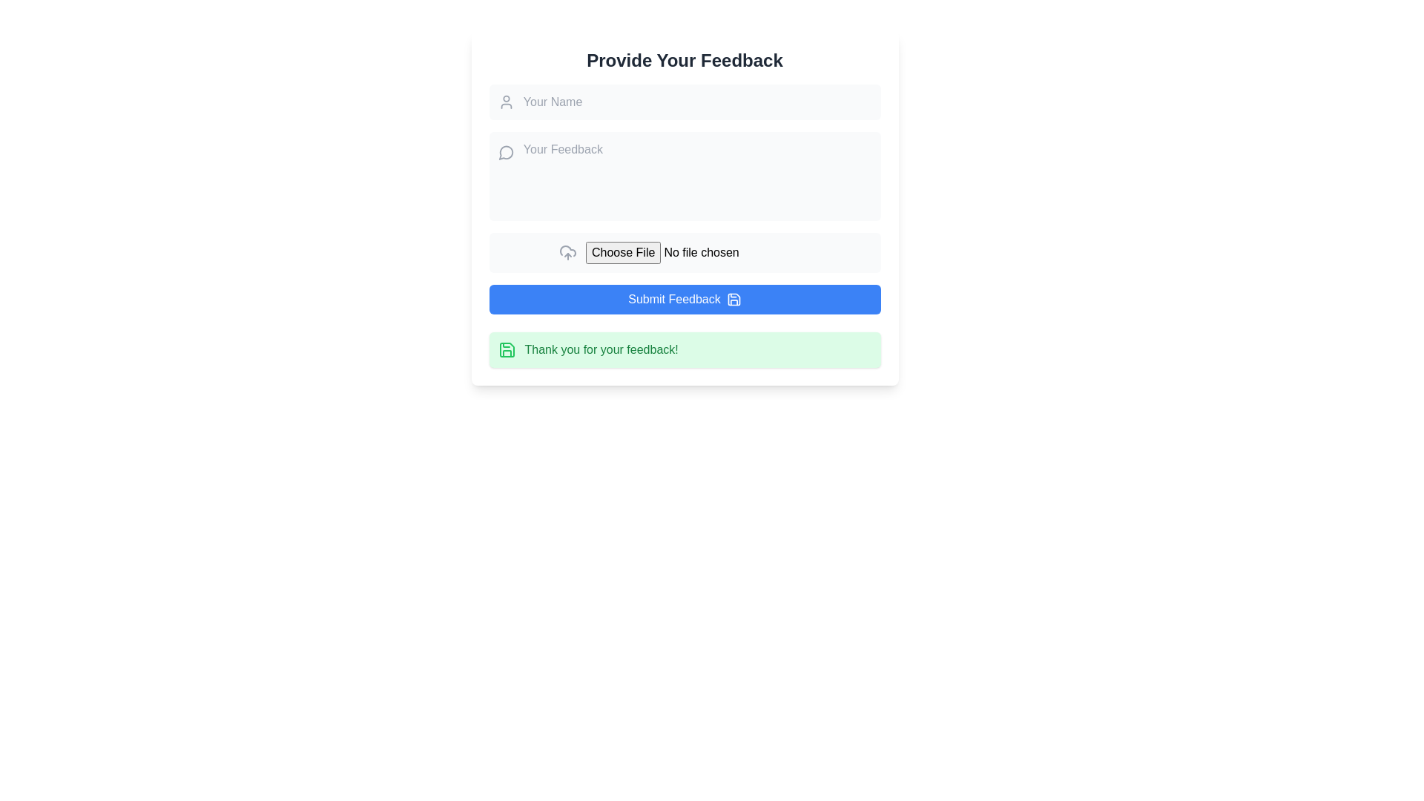 The height and width of the screenshot is (801, 1424). Describe the element at coordinates (684, 59) in the screenshot. I see `the Text Header that serves as a label for the feedback form, positioned at the topmost part of the form` at that location.